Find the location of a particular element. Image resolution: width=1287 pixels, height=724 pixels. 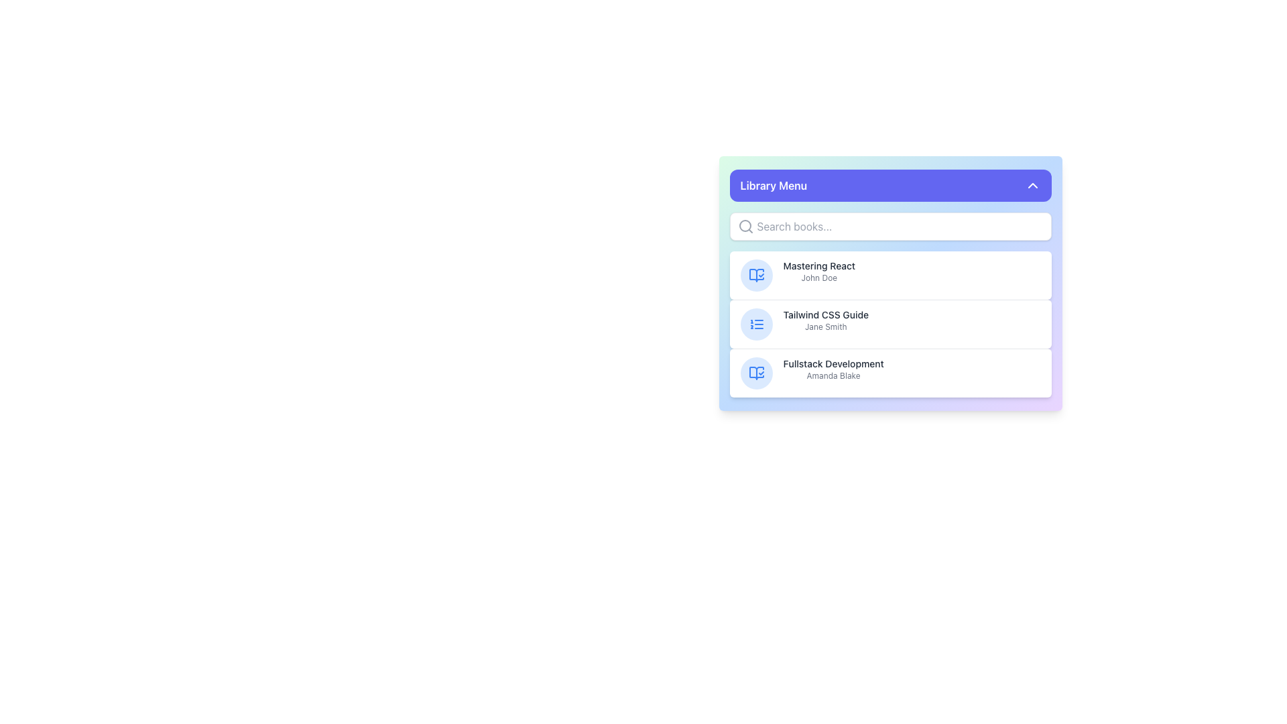

the circular icon button with a blue background and an open book with a checkmark icon, located within the card labeled 'Fullstack Development Amanda Blake' is located at coordinates (756, 373).